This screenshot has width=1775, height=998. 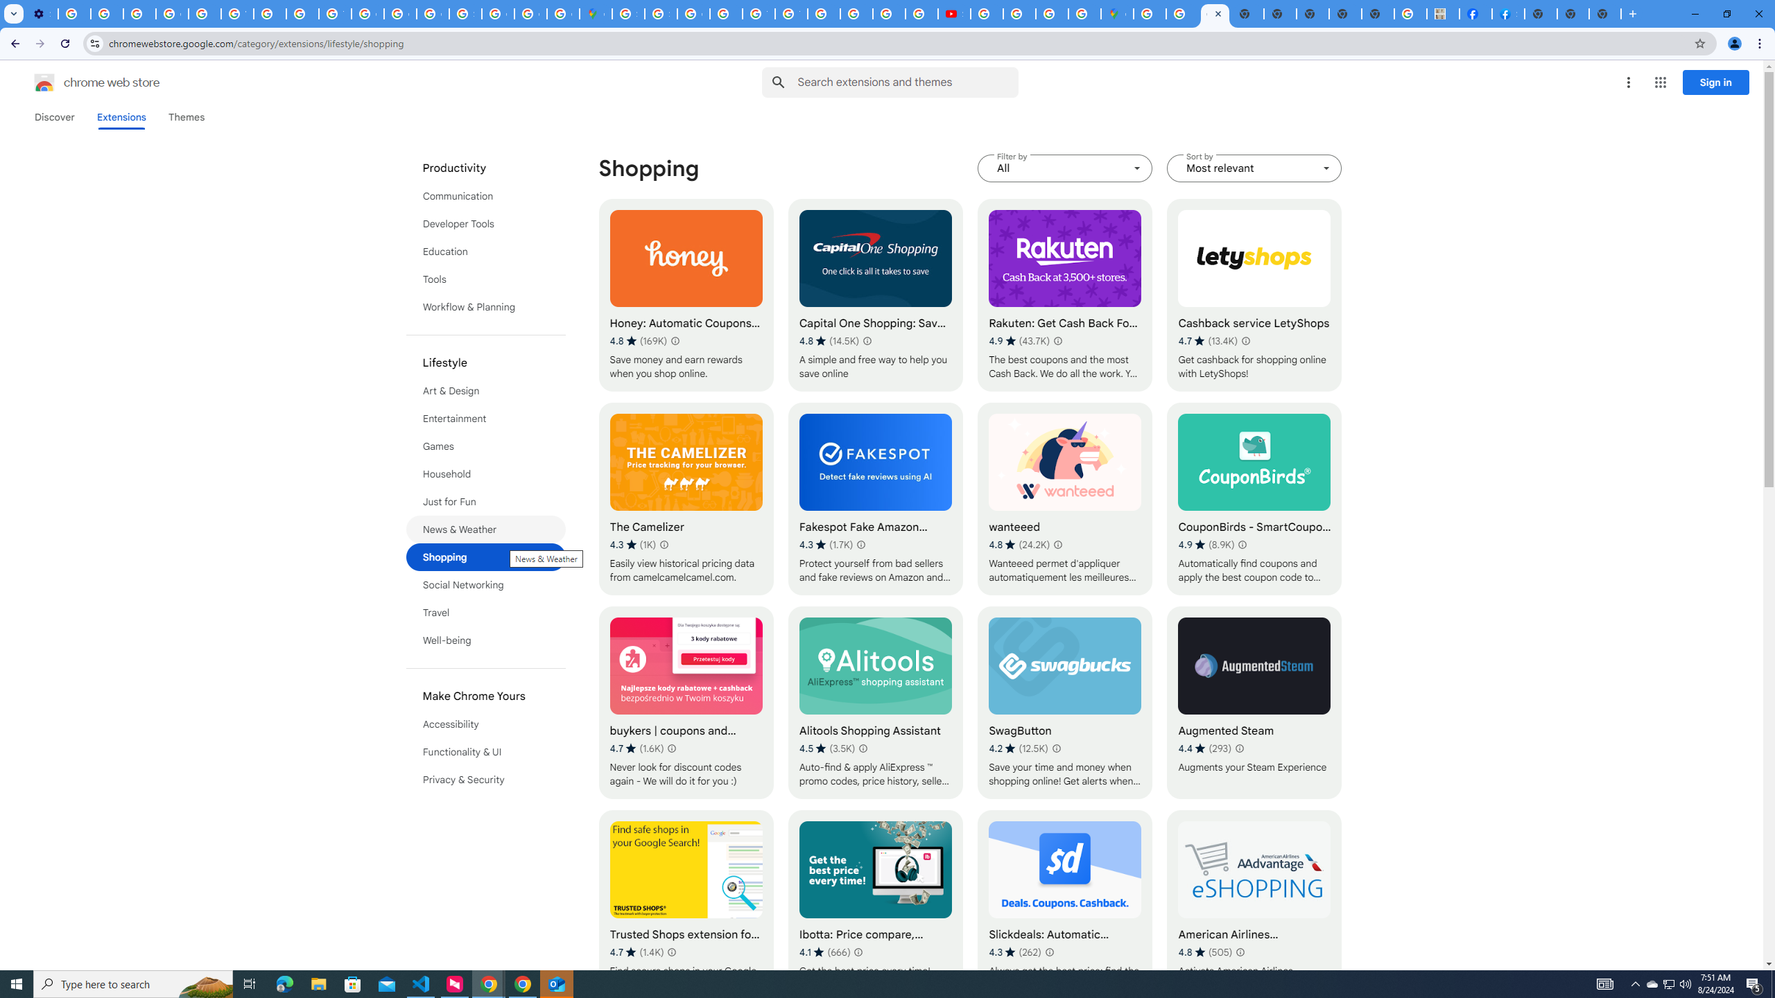 I want to click on 'Learn how to find your photos - Google Photos Help', so click(x=107, y=13).